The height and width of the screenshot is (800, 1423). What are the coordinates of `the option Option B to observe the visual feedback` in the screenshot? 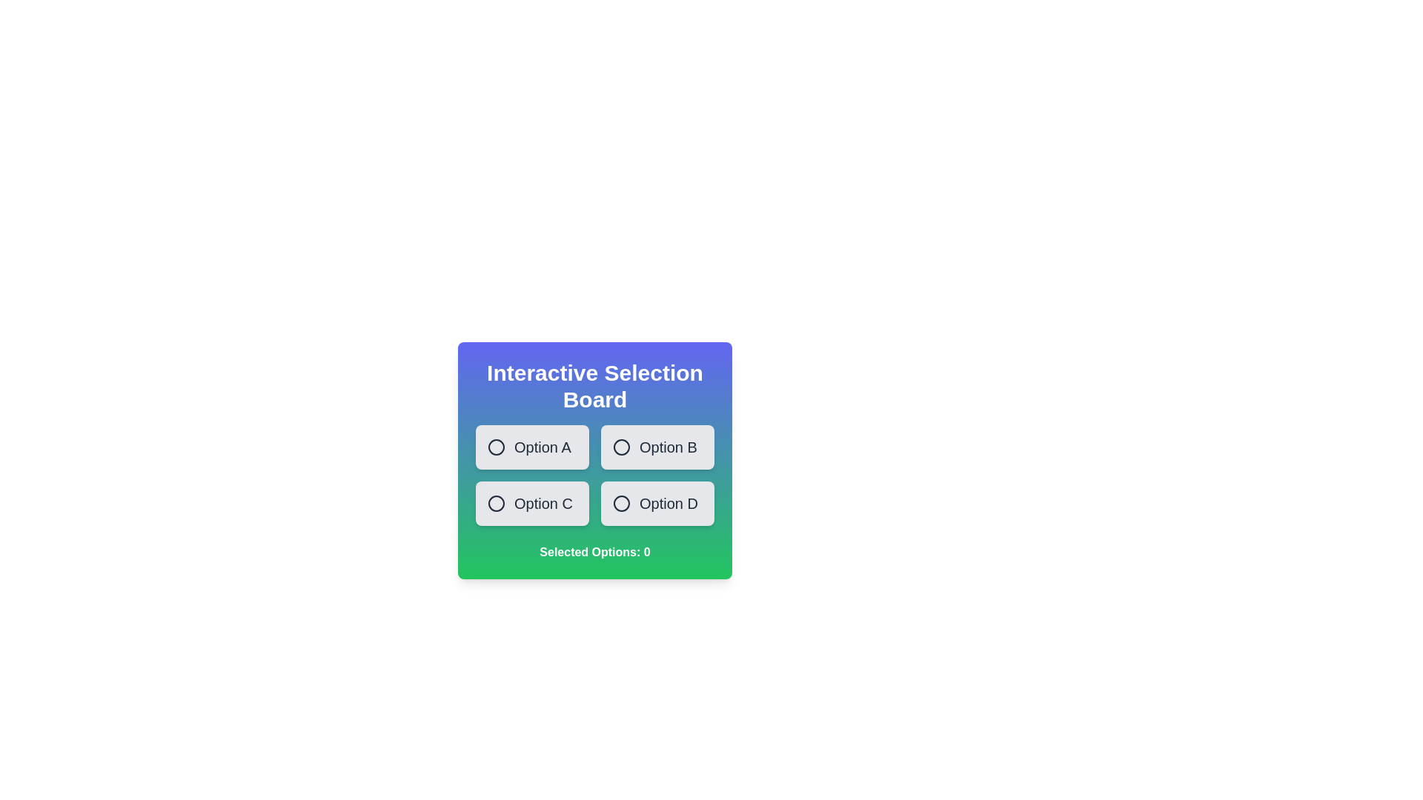 It's located at (657, 447).